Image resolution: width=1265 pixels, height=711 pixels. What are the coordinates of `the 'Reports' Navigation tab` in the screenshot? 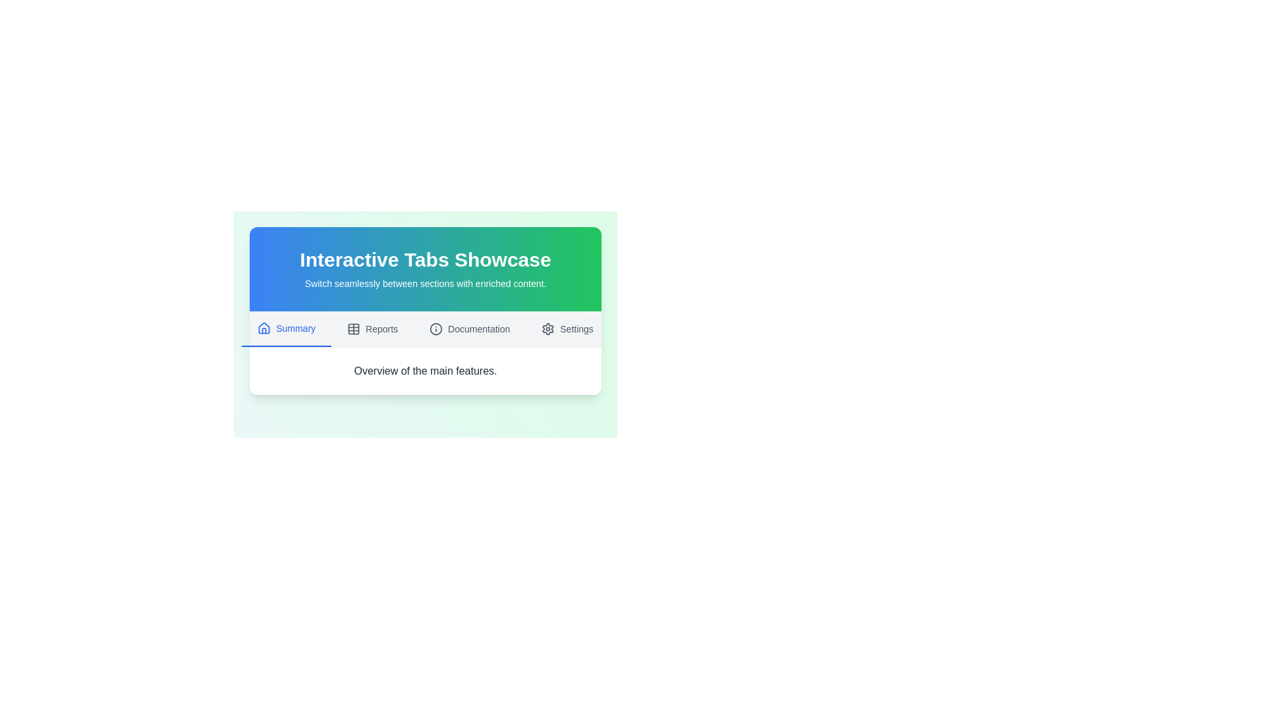 It's located at (372, 329).